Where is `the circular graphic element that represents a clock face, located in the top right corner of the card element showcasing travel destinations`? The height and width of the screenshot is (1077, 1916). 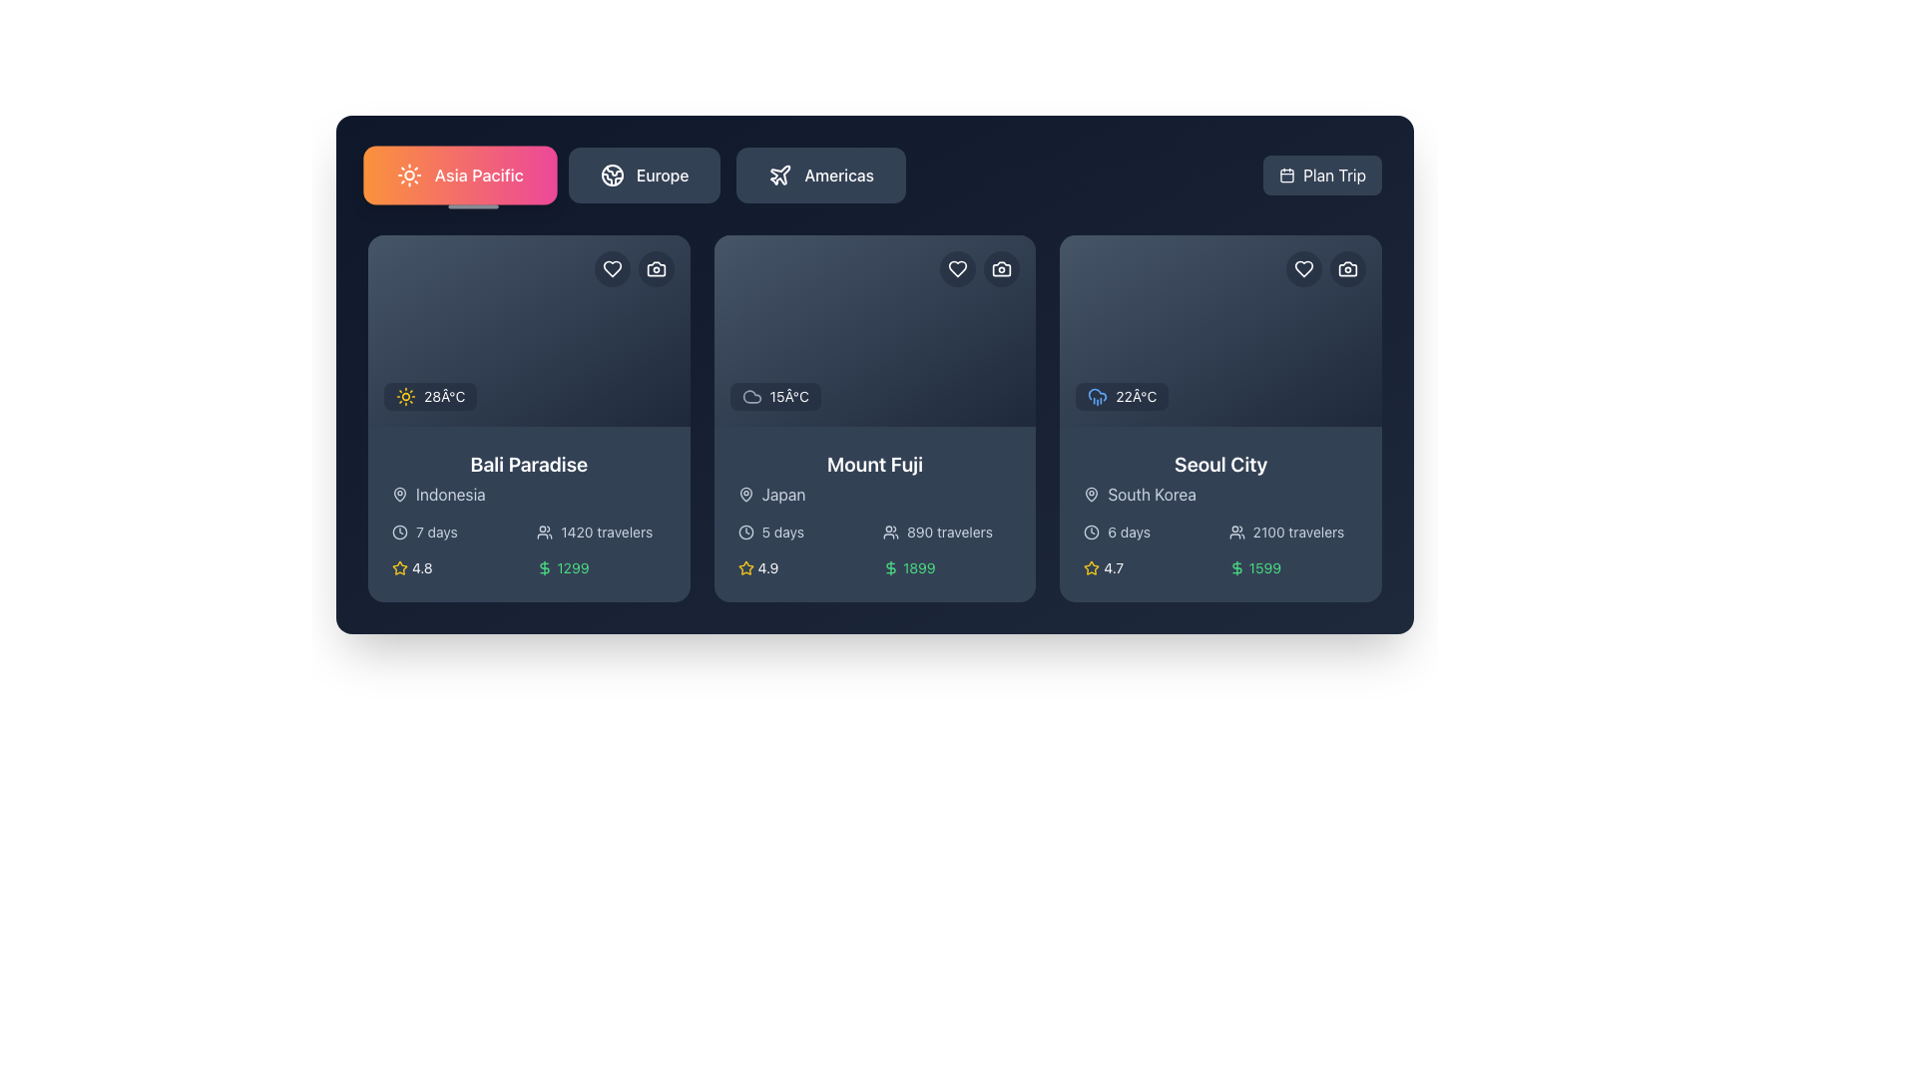
the circular graphic element that represents a clock face, located in the top right corner of the card element showcasing travel destinations is located at coordinates (399, 531).